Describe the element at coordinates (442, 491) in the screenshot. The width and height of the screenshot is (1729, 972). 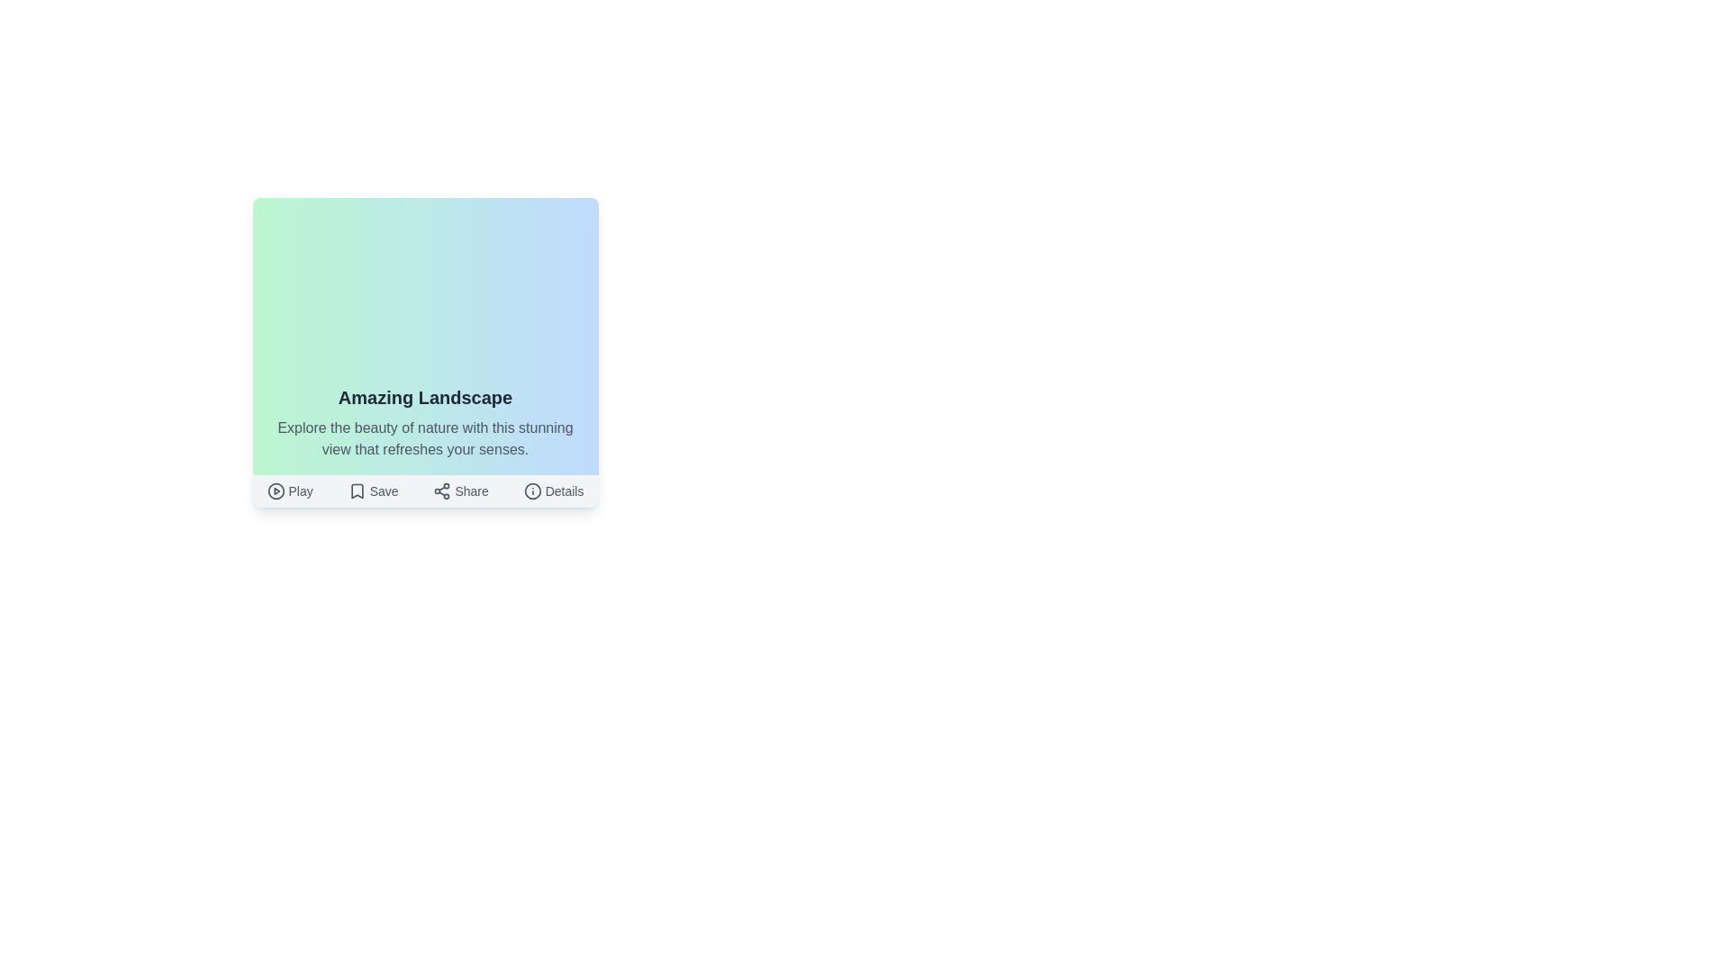
I see `the share icon located at the bottom center of the card, which is the leftmost component of the 'Share' button` at that location.